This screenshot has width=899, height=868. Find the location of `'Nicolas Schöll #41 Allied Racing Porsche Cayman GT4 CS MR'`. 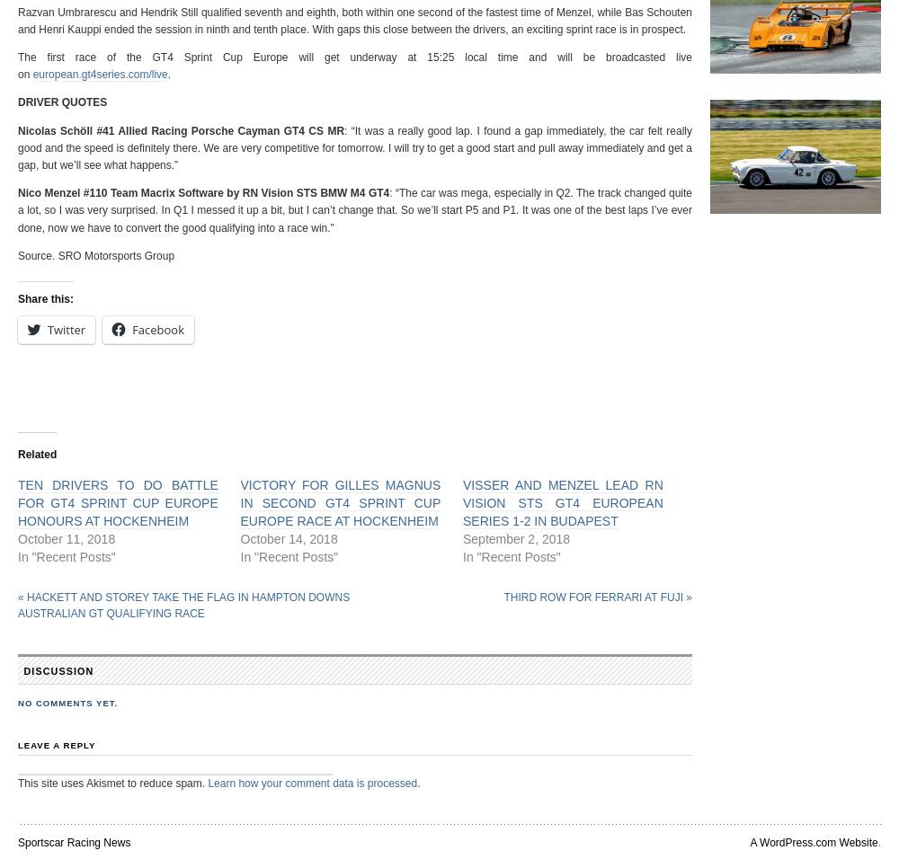

'Nicolas Schöll #41 Allied Racing Porsche Cayman GT4 CS MR' is located at coordinates (18, 128).